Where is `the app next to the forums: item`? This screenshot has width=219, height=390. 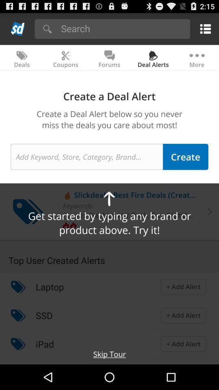 the app next to the forums: item is located at coordinates (142, 214).